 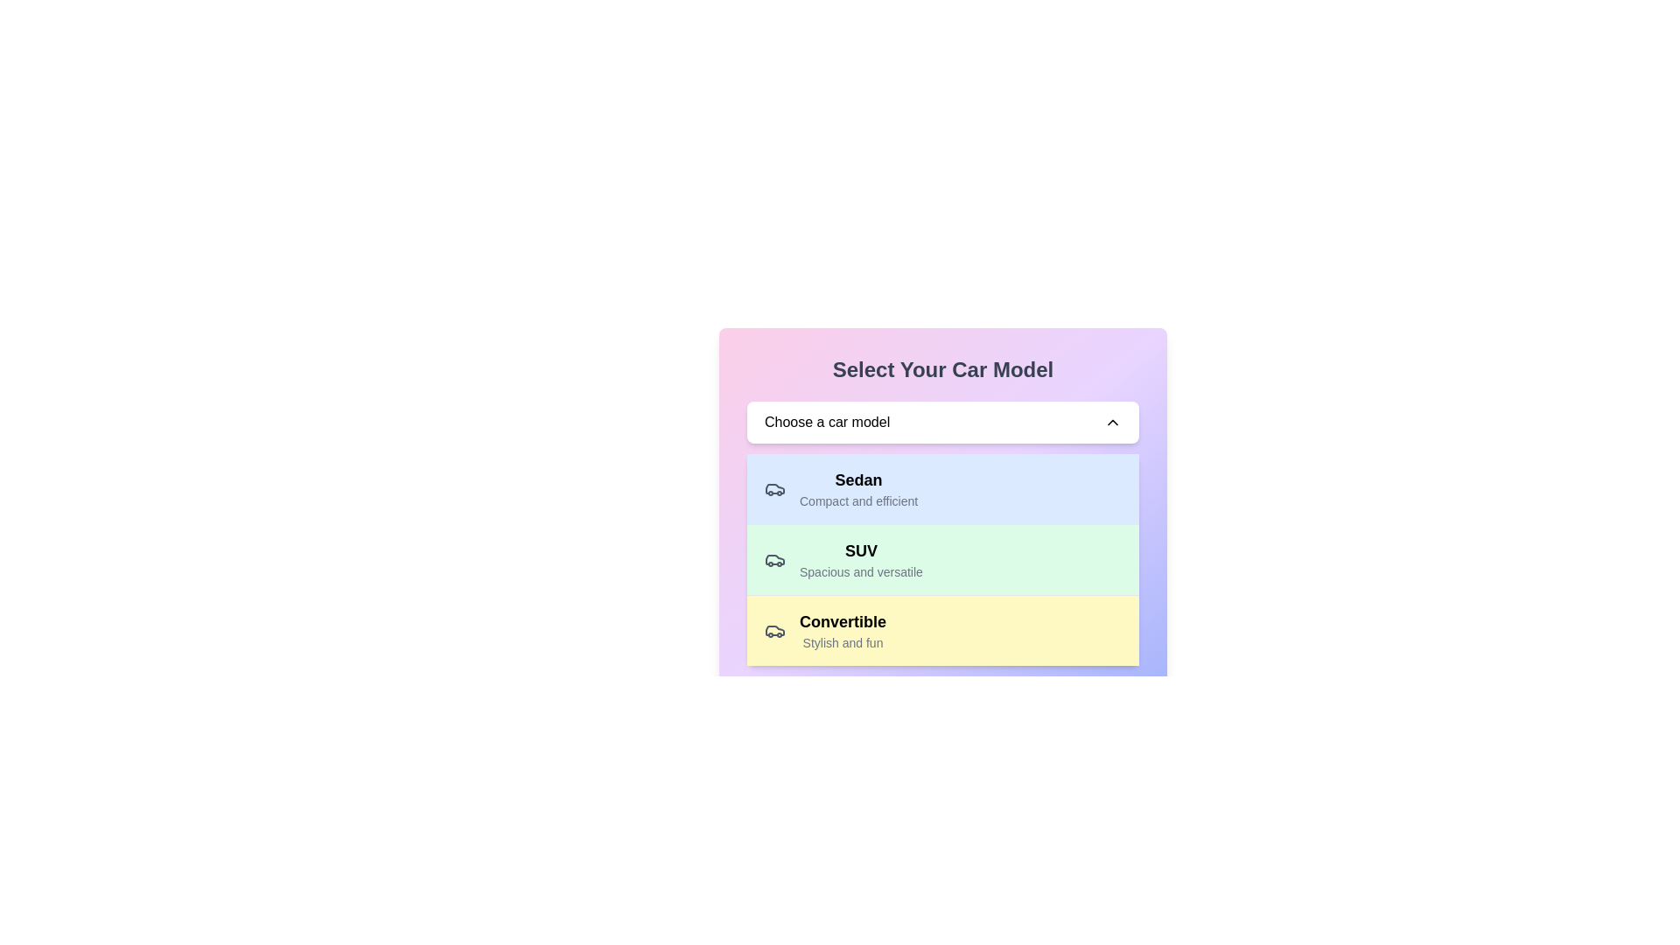 What do you see at coordinates (774, 631) in the screenshot?
I see `the car icon located to the left of the 'Convertible' text in the 'Select Your Car Model' dropdown menu to observe the associated tooltip or description` at bounding box center [774, 631].